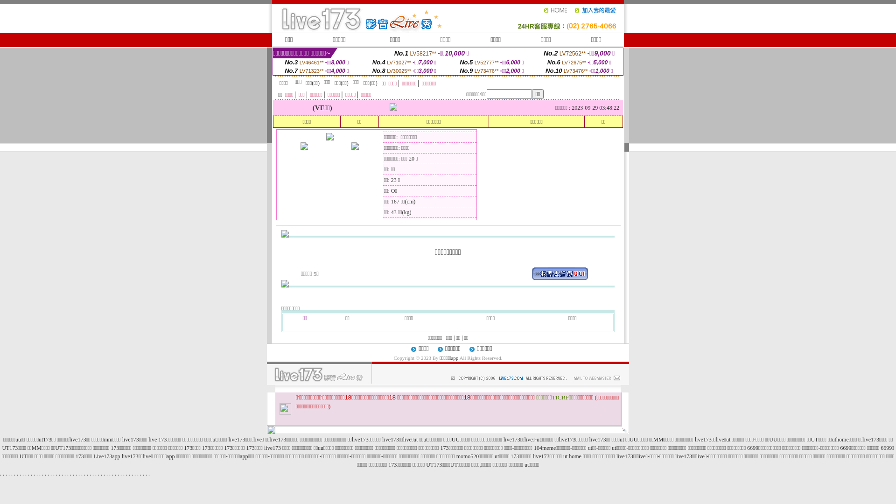 This screenshot has width=896, height=504. I want to click on '.', so click(93, 473).